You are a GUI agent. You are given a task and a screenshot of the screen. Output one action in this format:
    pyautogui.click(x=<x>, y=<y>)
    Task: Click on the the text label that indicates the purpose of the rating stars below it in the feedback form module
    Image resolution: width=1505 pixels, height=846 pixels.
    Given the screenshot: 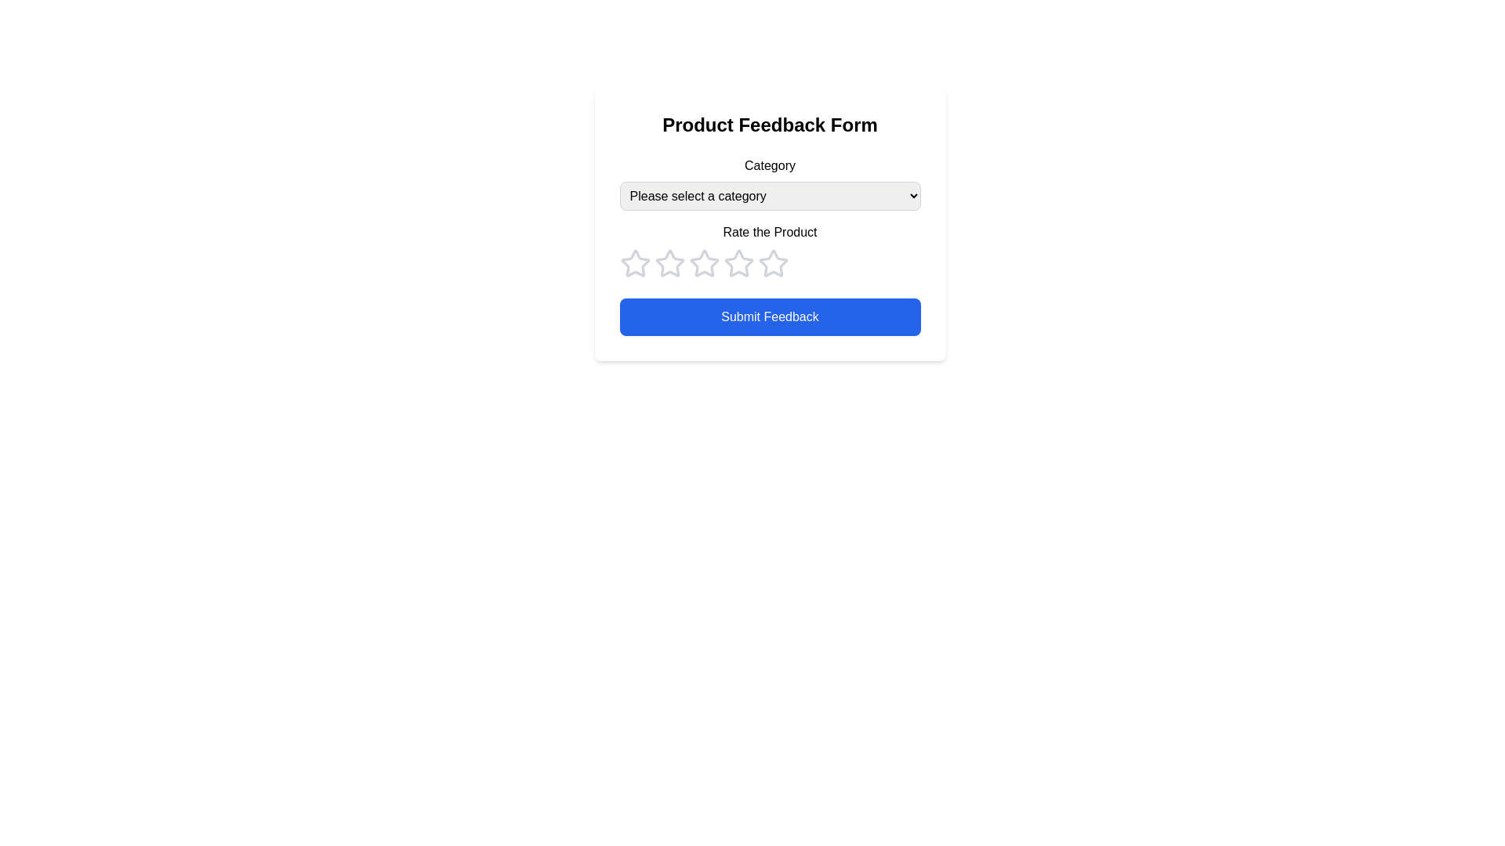 What is the action you would take?
    pyautogui.click(x=770, y=233)
    